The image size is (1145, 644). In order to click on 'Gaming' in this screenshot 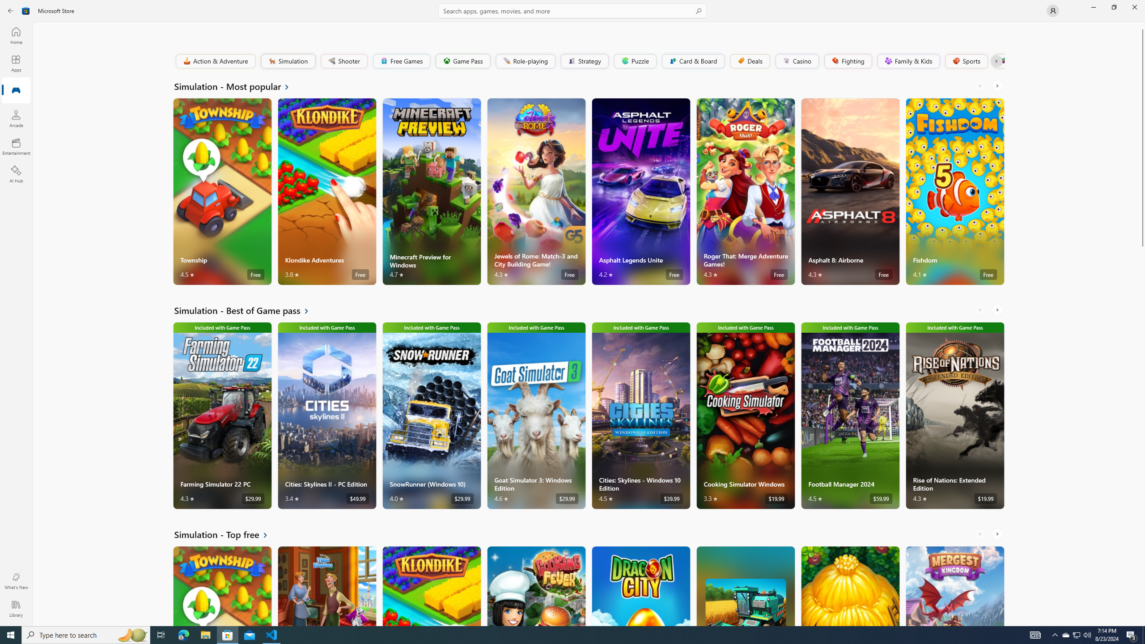, I will do `click(15, 90)`.